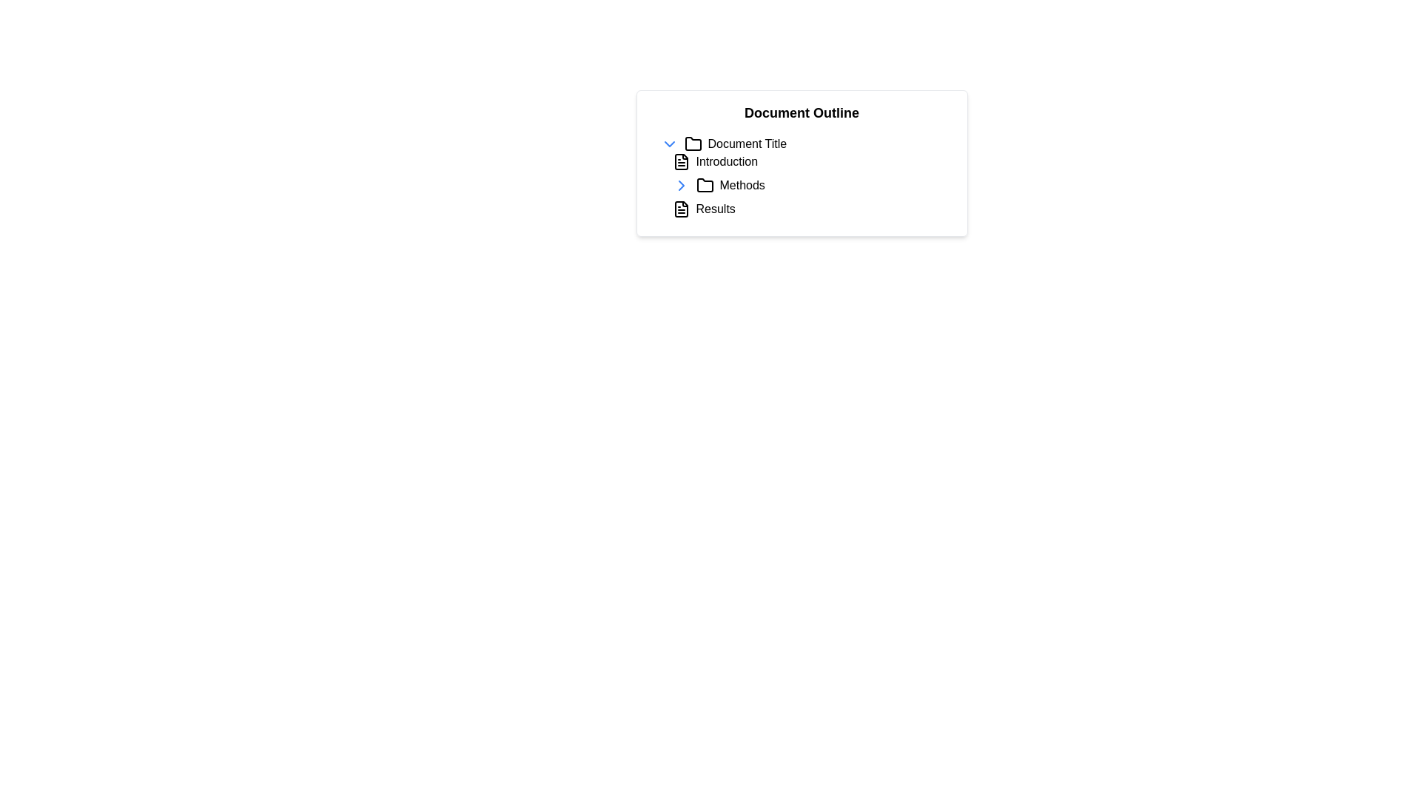 The width and height of the screenshot is (1421, 799). Describe the element at coordinates (680, 184) in the screenshot. I see `the blue chevron icon indicating navigation` at that location.